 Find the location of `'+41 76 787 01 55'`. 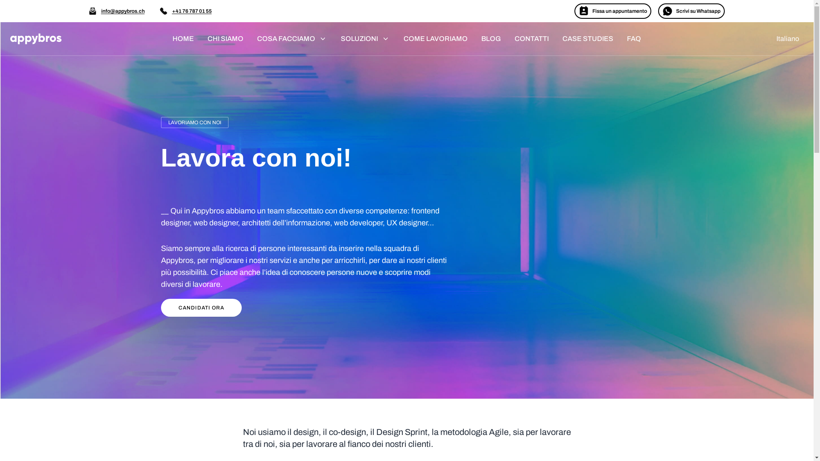

'+41 76 787 01 55' is located at coordinates (191, 11).